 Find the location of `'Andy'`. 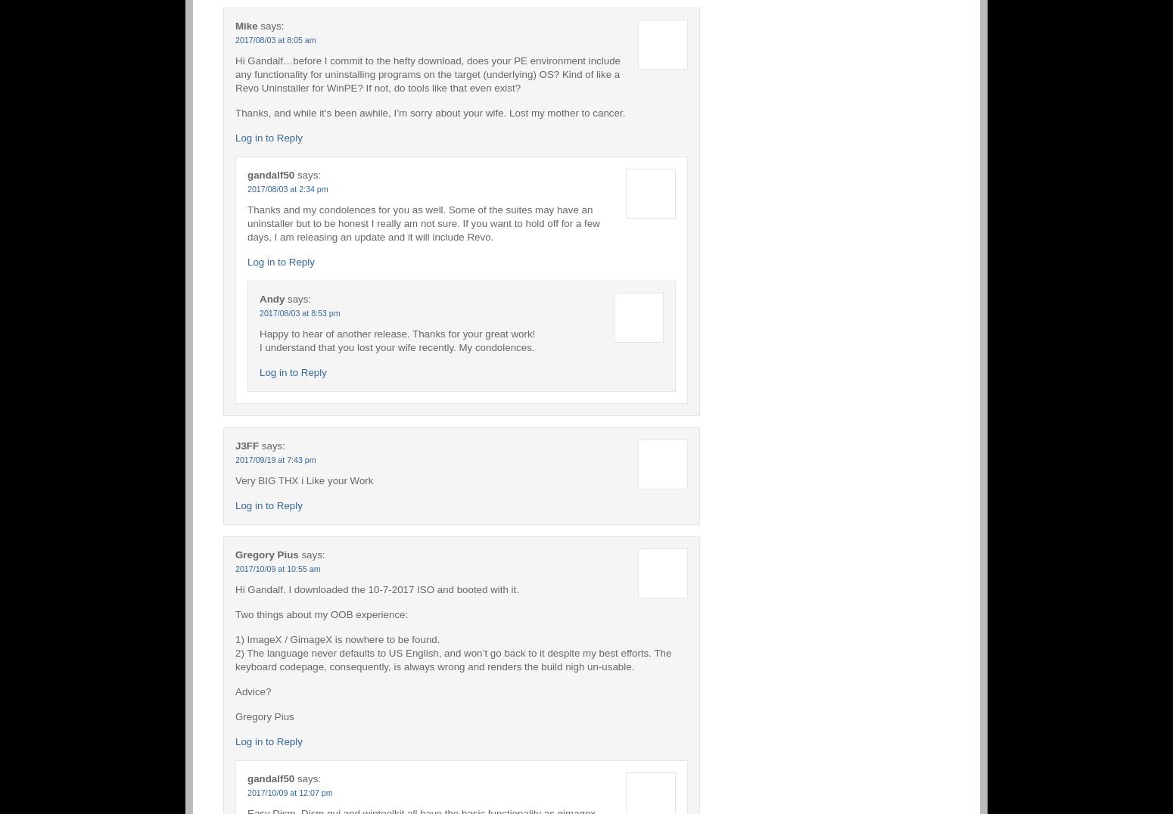

'Andy' is located at coordinates (271, 297).